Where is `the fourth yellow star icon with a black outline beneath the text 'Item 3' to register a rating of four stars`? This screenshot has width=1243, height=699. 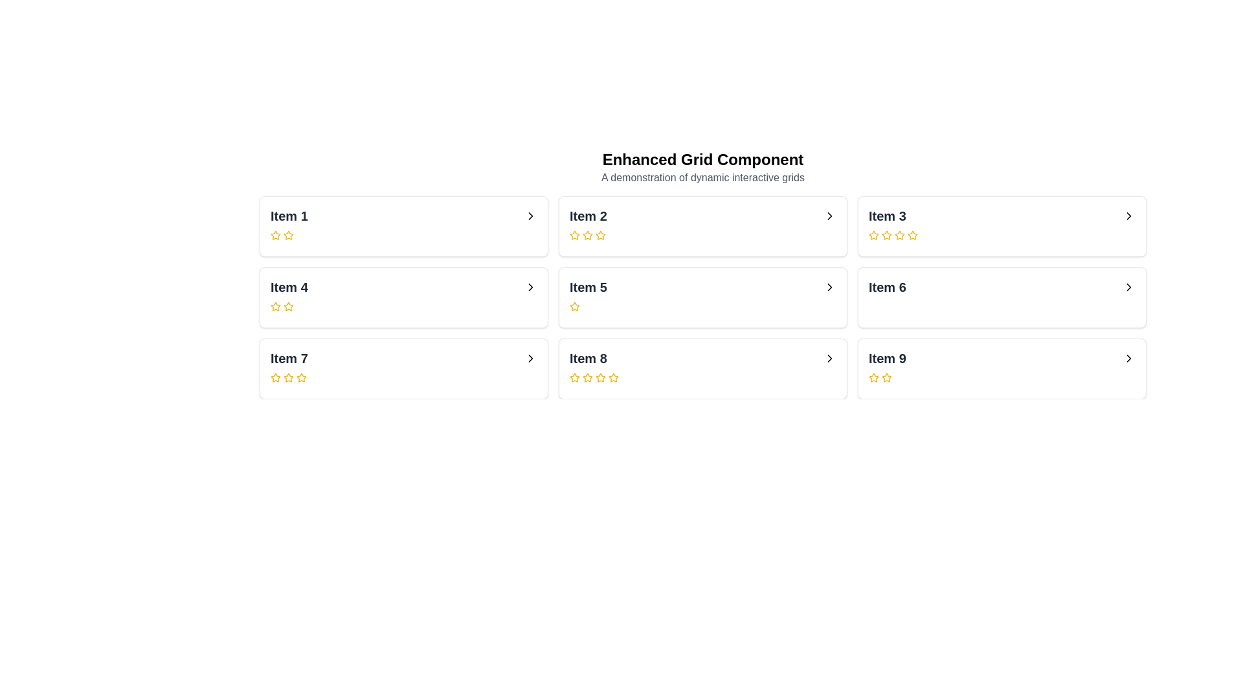
the fourth yellow star icon with a black outline beneath the text 'Item 3' to register a rating of four stars is located at coordinates (899, 235).